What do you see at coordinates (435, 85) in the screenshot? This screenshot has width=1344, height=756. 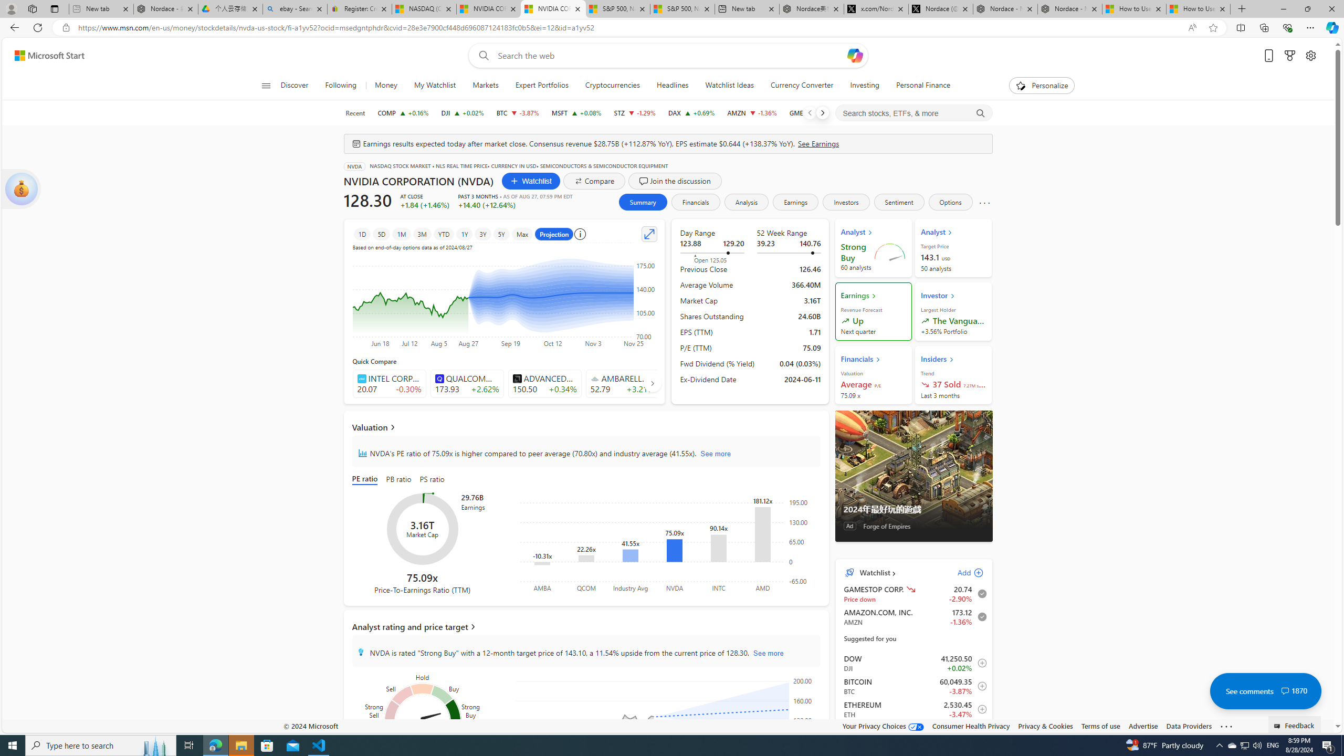 I see `'My Watchlist'` at bounding box center [435, 85].